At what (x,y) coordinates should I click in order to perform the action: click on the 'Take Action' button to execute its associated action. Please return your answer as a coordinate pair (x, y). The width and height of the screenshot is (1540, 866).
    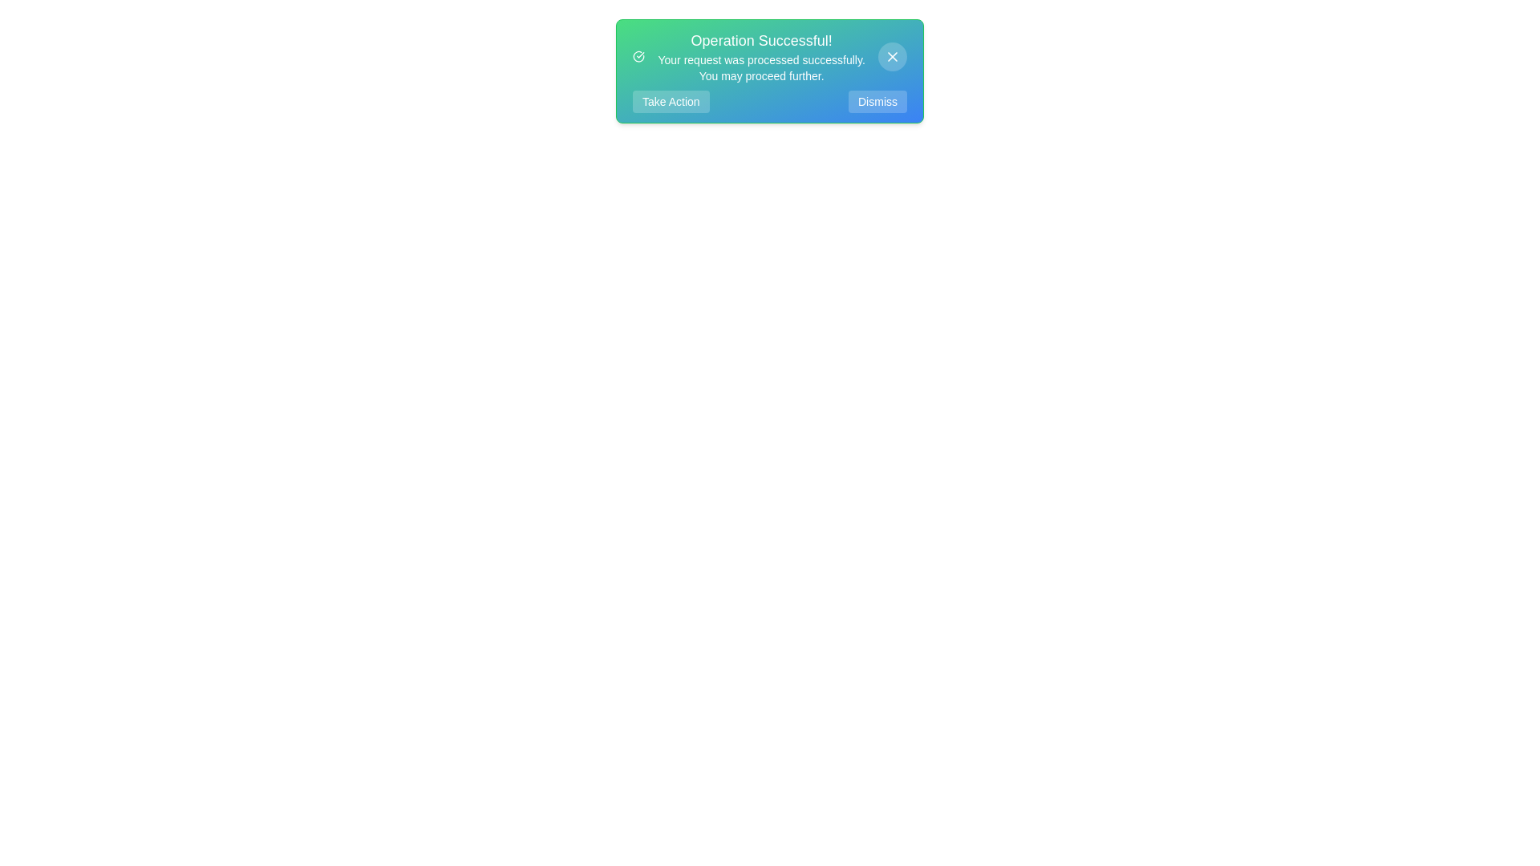
    Looking at the image, I should click on (670, 102).